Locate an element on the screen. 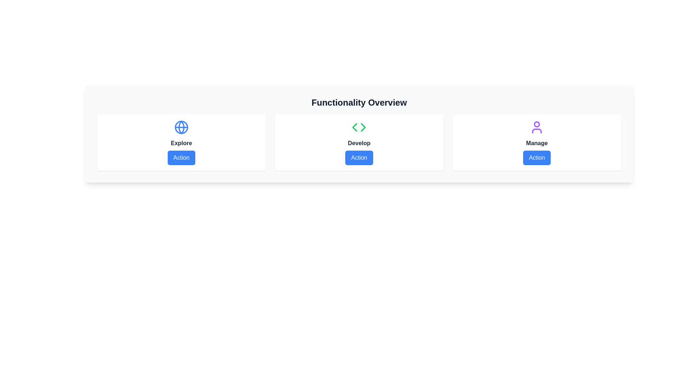  the arrowhead on the right side of the green graphical icon in the center 'Develop' card, which is part of the SVG graphical representation is located at coordinates (363, 127).